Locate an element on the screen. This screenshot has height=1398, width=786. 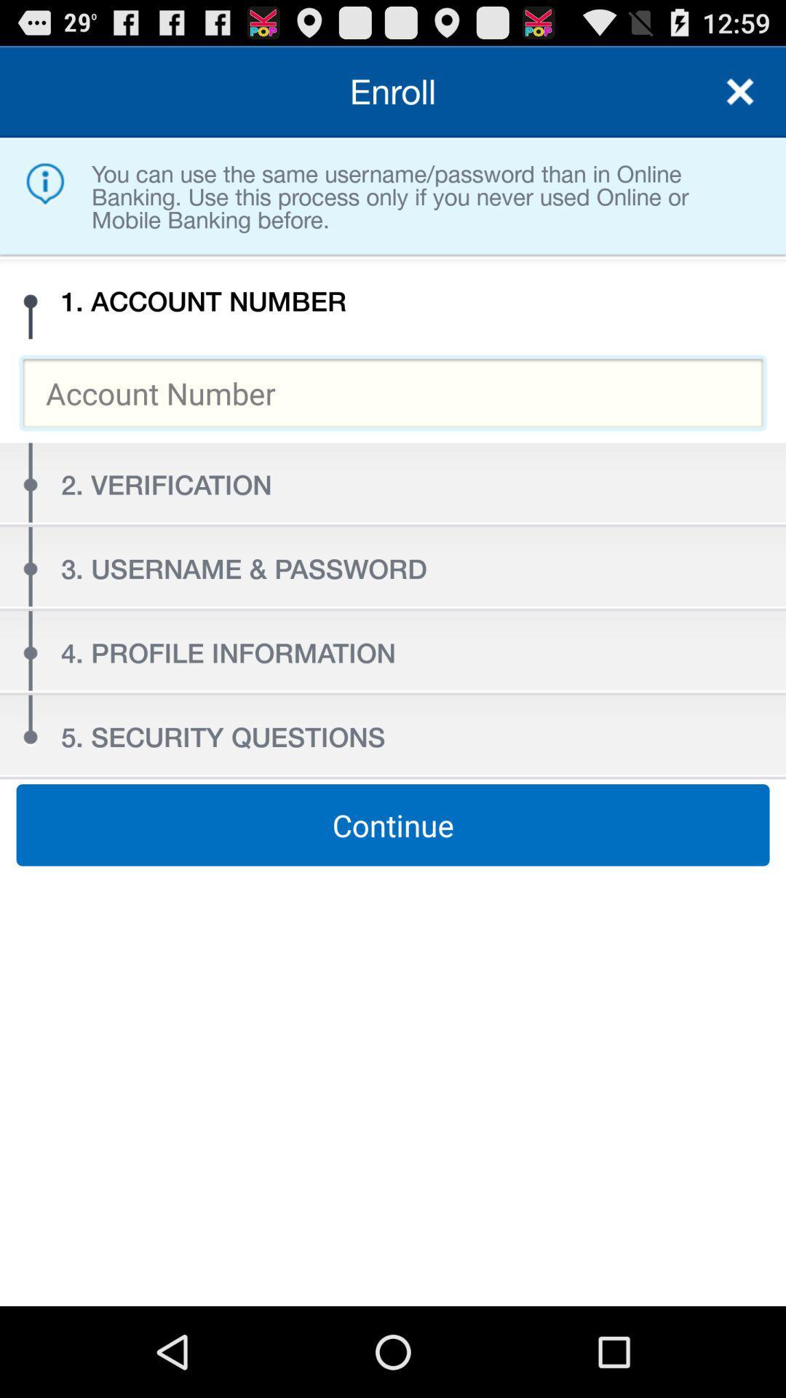
the enroll item is located at coordinates (393, 90).